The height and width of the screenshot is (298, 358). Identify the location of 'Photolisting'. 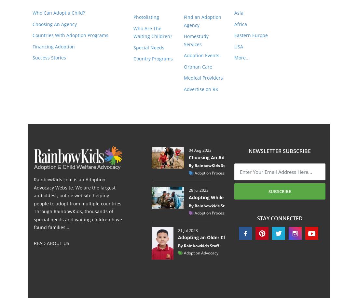
(133, 17).